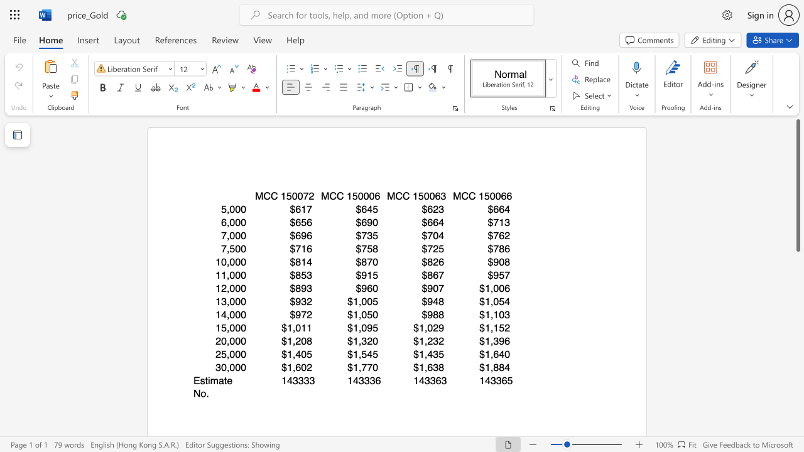 The height and width of the screenshot is (452, 804). What do you see at coordinates (797, 358) in the screenshot?
I see `the scrollbar on the side` at bounding box center [797, 358].